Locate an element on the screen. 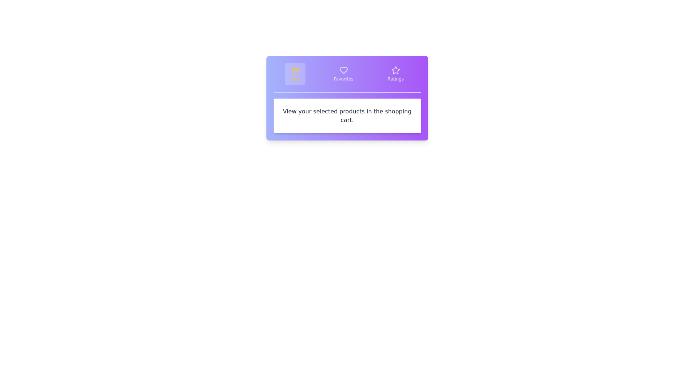 The image size is (694, 390). the cart icon located in the top-left region of the navigation bar is located at coordinates (295, 69).